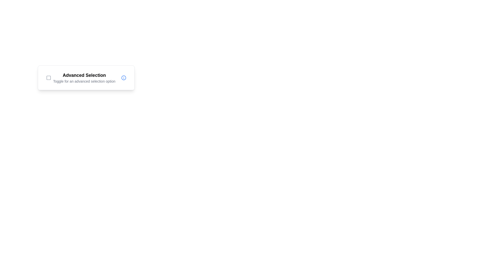 This screenshot has height=272, width=484. What do you see at coordinates (124, 78) in the screenshot?
I see `the blue circular Informational icon with an 'i' symbol, located at the far-right of the 'Advanced Selection' section` at bounding box center [124, 78].